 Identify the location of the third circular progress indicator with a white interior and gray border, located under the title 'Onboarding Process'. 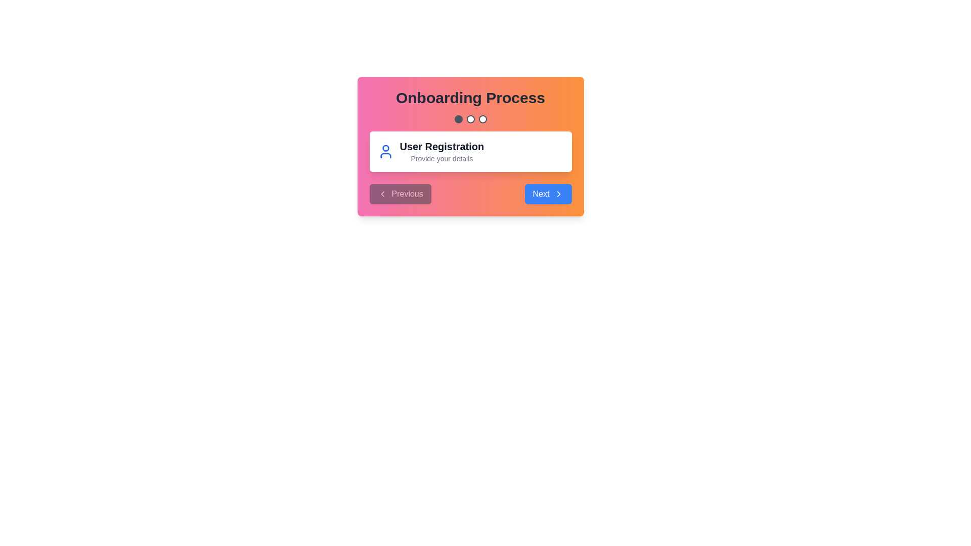
(482, 118).